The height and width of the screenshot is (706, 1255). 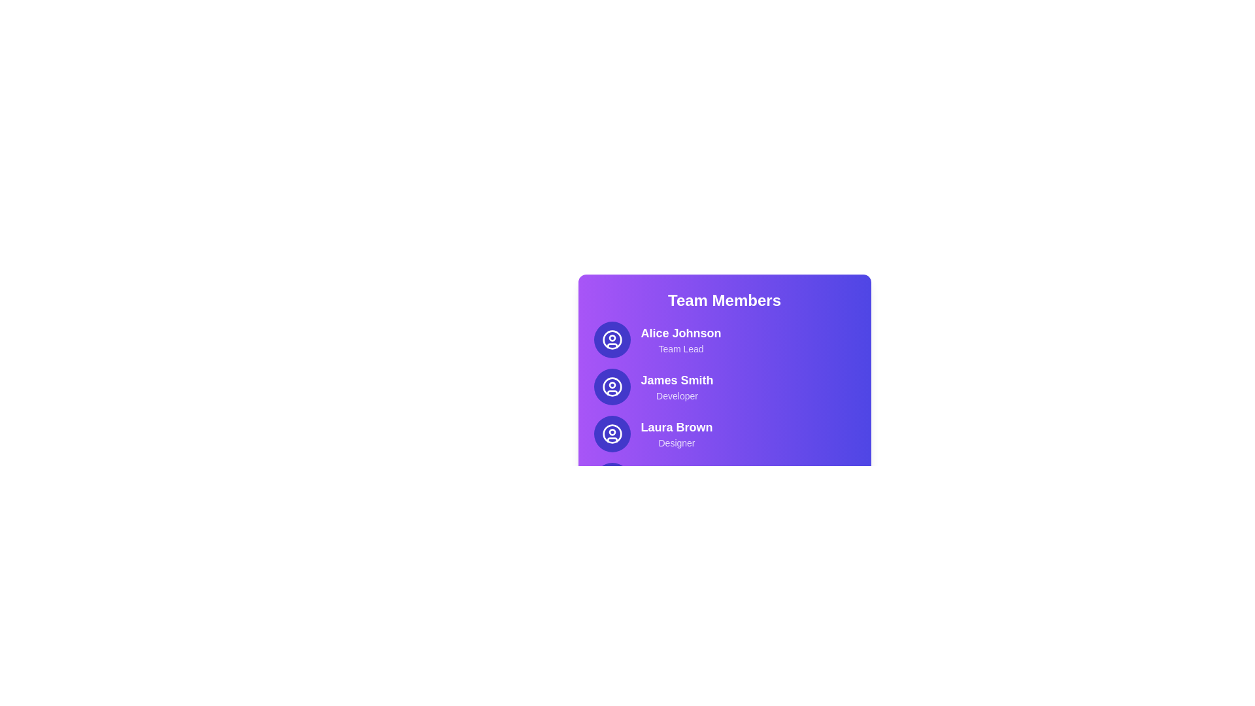 I want to click on the third SVG-based graphical icon representing a team member in the vertical list, so click(x=611, y=433).